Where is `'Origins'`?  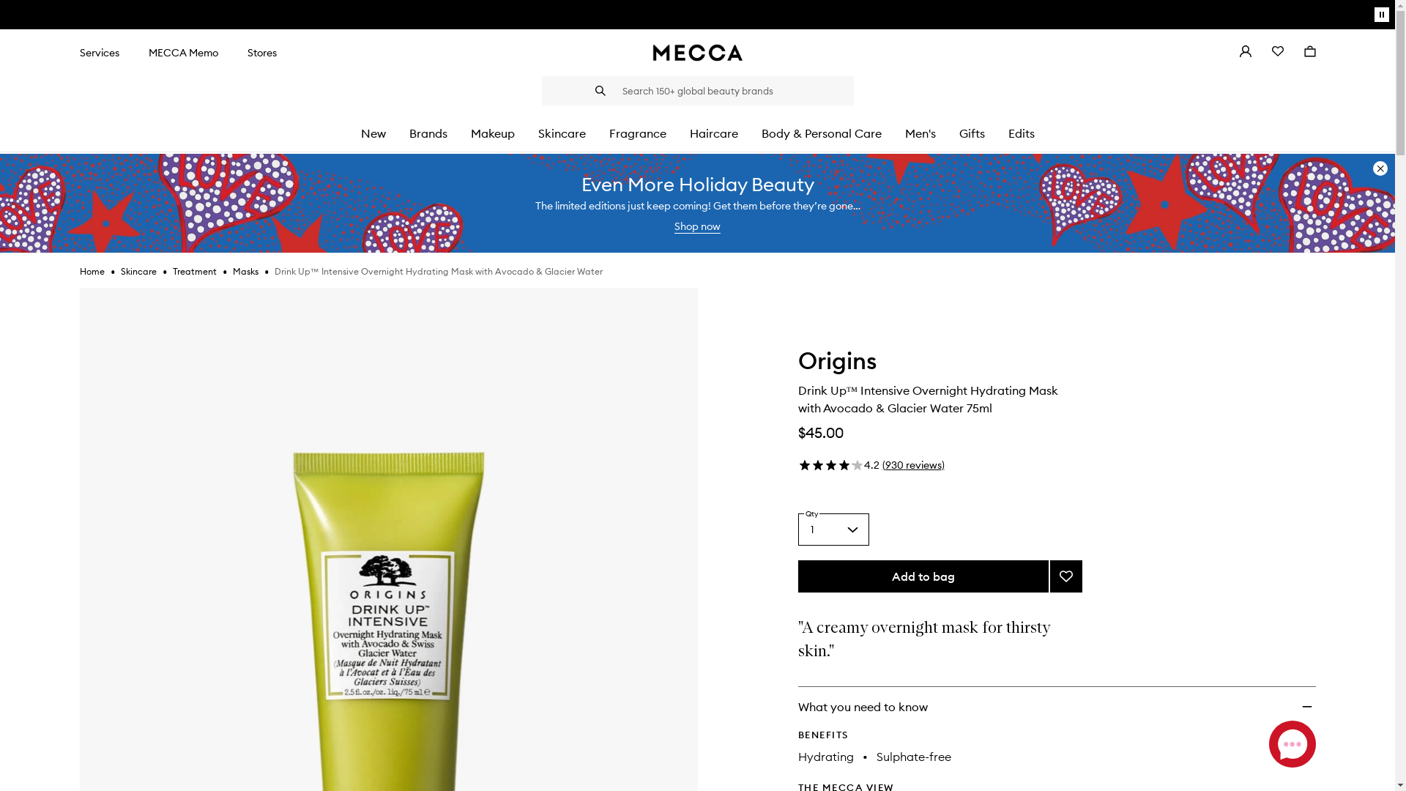 'Origins' is located at coordinates (837, 363).